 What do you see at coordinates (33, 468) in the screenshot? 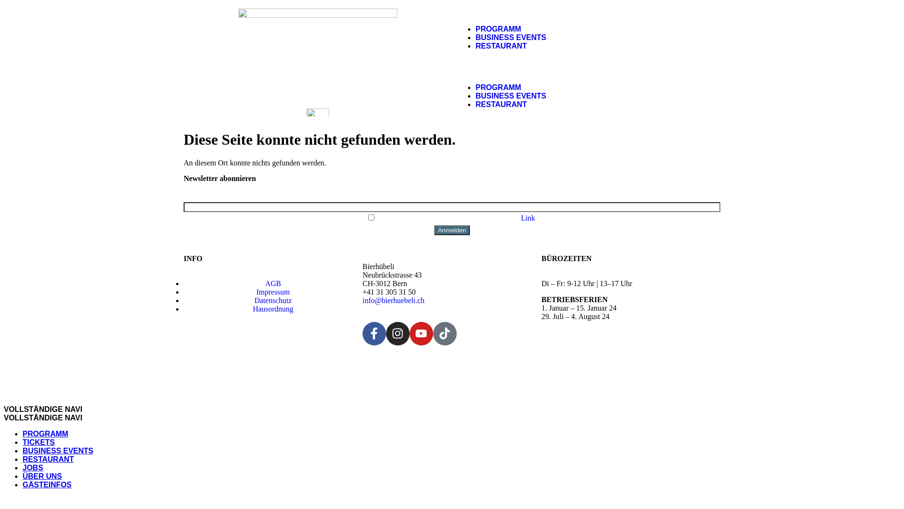
I see `'JOBS'` at bounding box center [33, 468].